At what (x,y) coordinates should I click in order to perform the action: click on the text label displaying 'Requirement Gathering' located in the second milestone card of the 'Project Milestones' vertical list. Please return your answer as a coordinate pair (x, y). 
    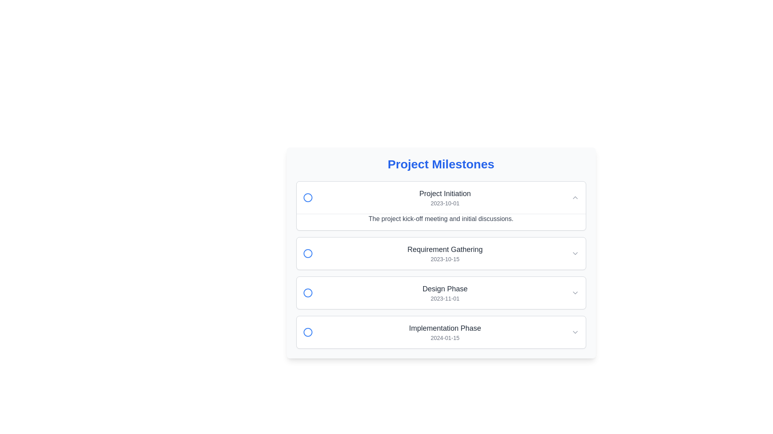
    Looking at the image, I should click on (444, 249).